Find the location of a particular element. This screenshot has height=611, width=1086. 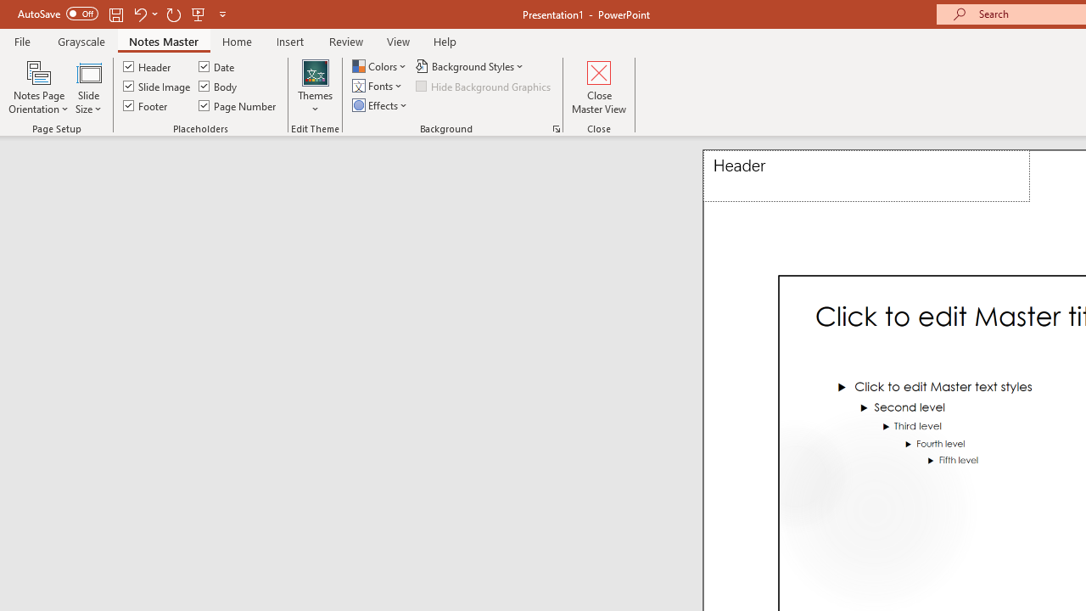

'Date' is located at coordinates (216, 65).